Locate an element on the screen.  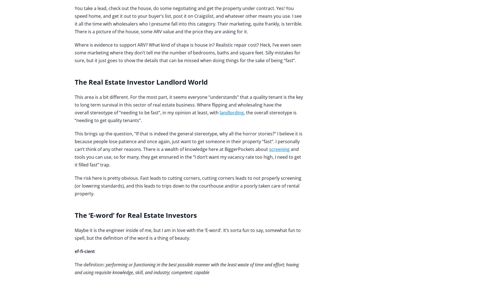
'screening' is located at coordinates (269, 149).